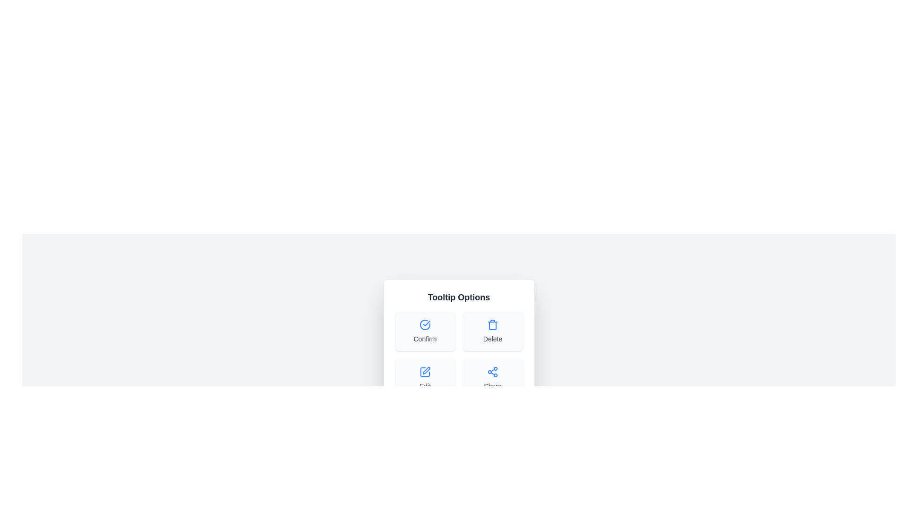  Describe the element at coordinates (492, 331) in the screenshot. I see `the 'Delete' button which has a light gray background and a blue trash can icon above the text` at that location.